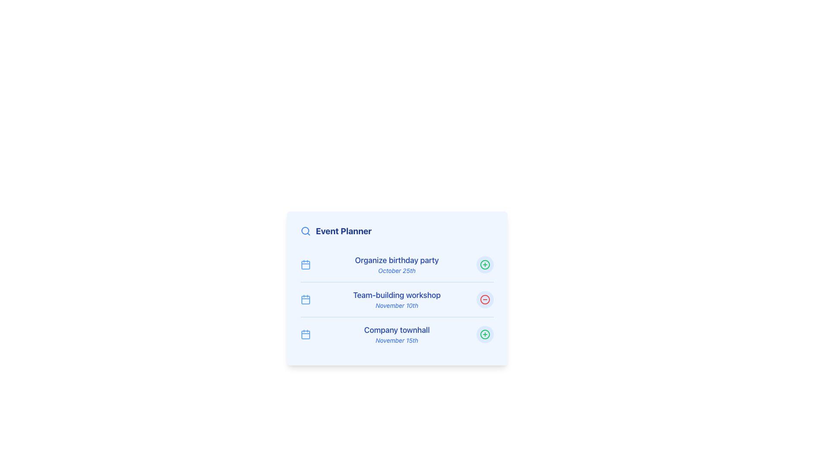 The width and height of the screenshot is (828, 465). I want to click on the circular red icon that is part of the minus-symbol icon in the Event Planner module, located in the second row on the right side, so click(485, 299).